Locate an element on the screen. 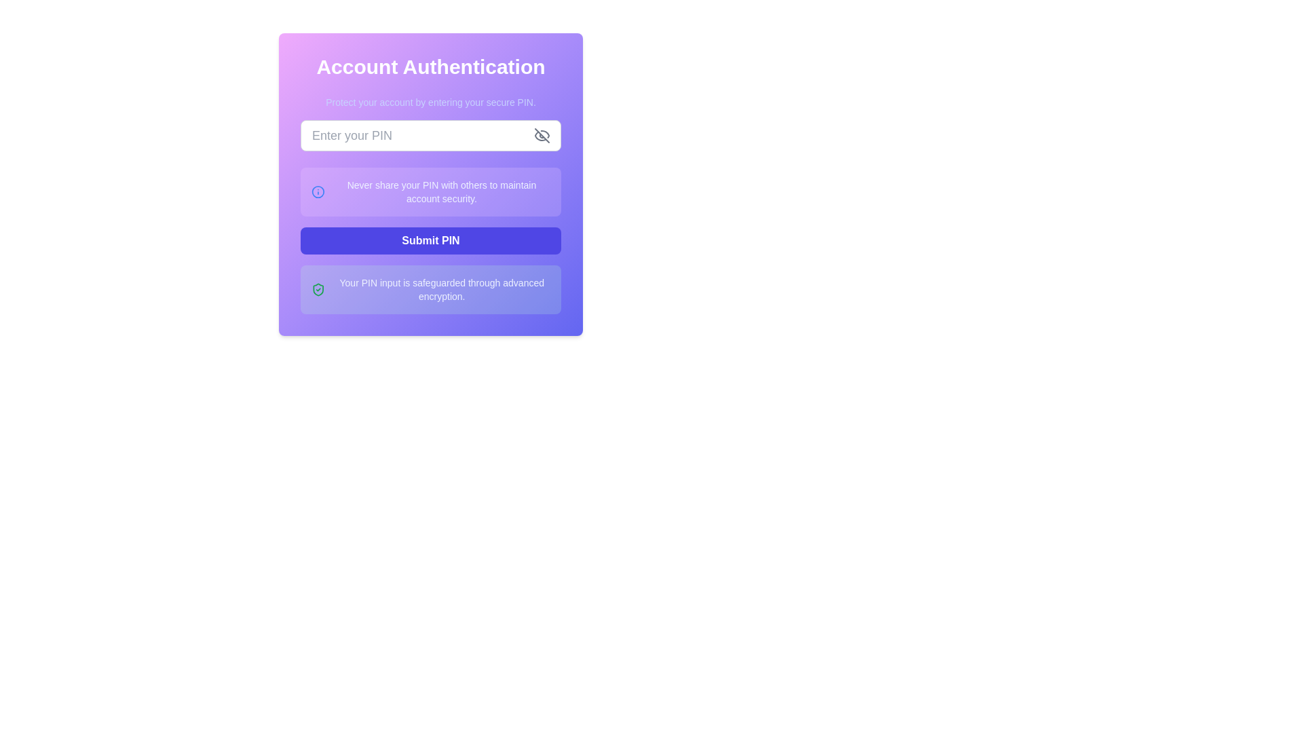  the Text Block element that reads 'Protect your account by entering your secure PIN.' which is styled with a small font size and indigo color, located below the title 'Account Authentication' is located at coordinates (430, 101).